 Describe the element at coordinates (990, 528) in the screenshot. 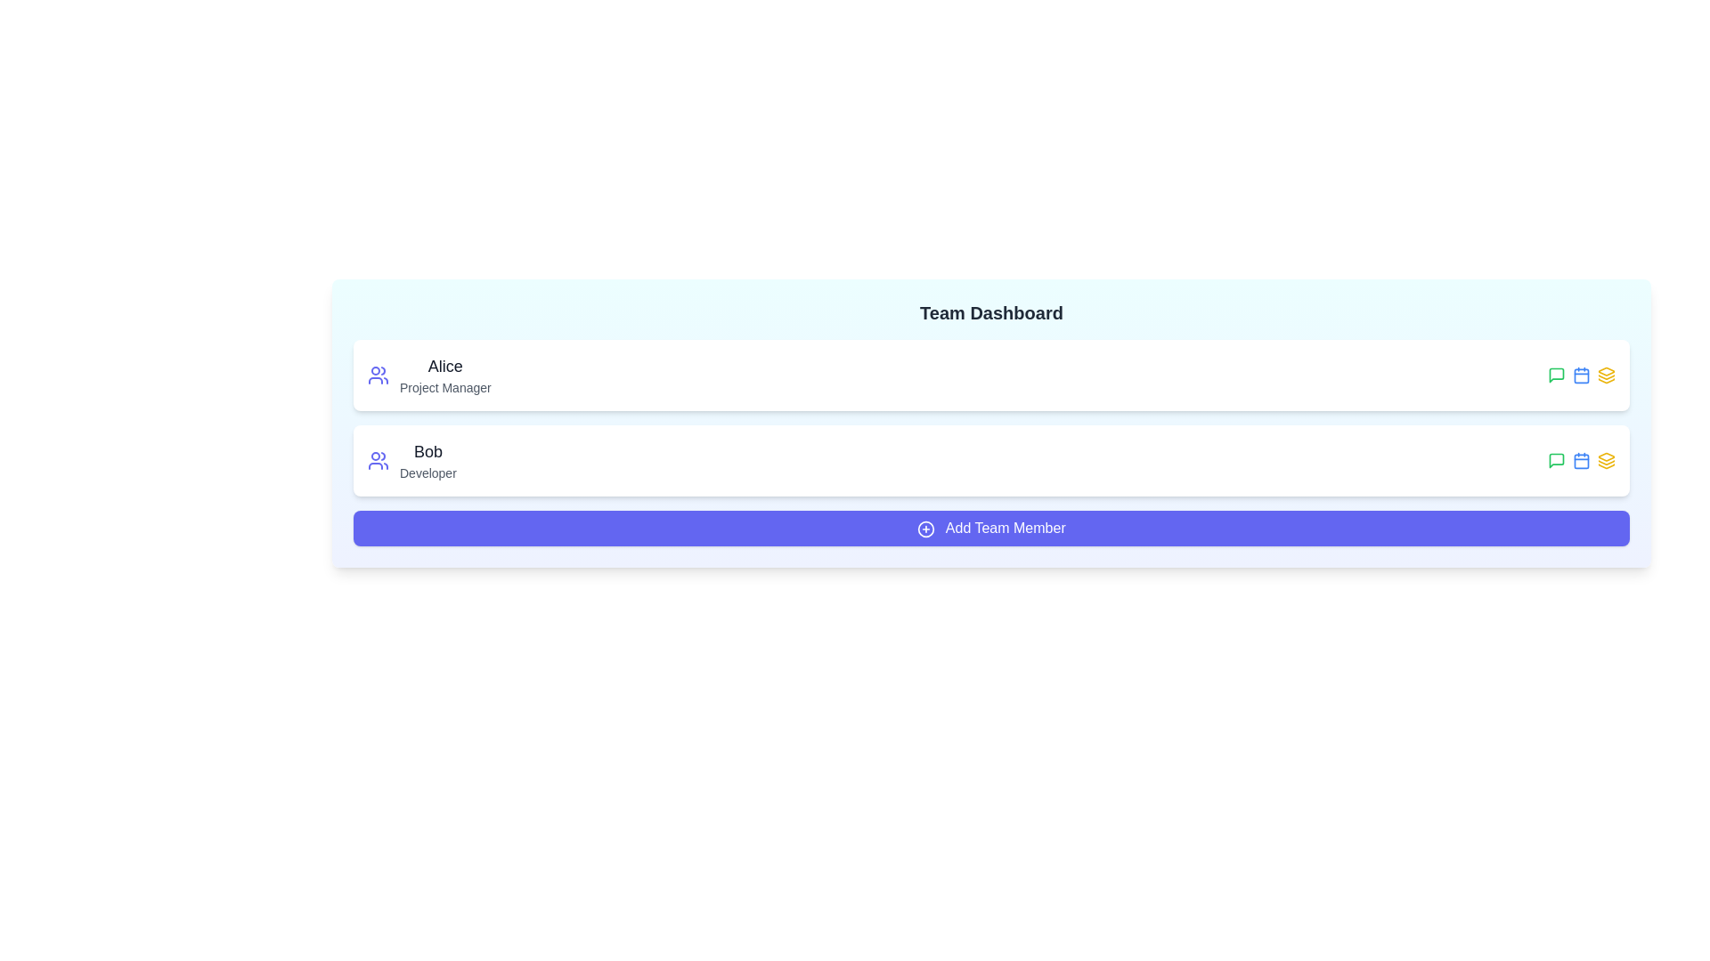

I see `the 'Add Team Member' button, which is a rectangular button with rounded corners, purple background, and white text, located at the bottom of the 'Team Dashboard'` at that location.